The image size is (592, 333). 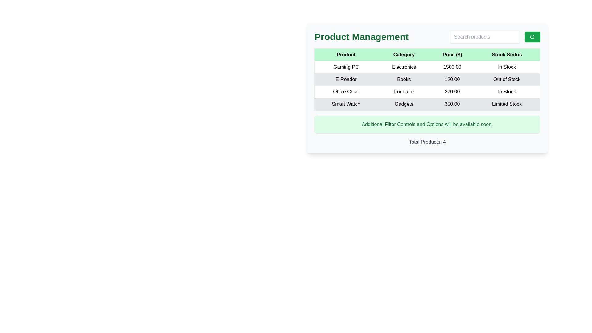 What do you see at coordinates (485, 37) in the screenshot?
I see `the search input text box located at the upper-right corner of the product management interface` at bounding box center [485, 37].